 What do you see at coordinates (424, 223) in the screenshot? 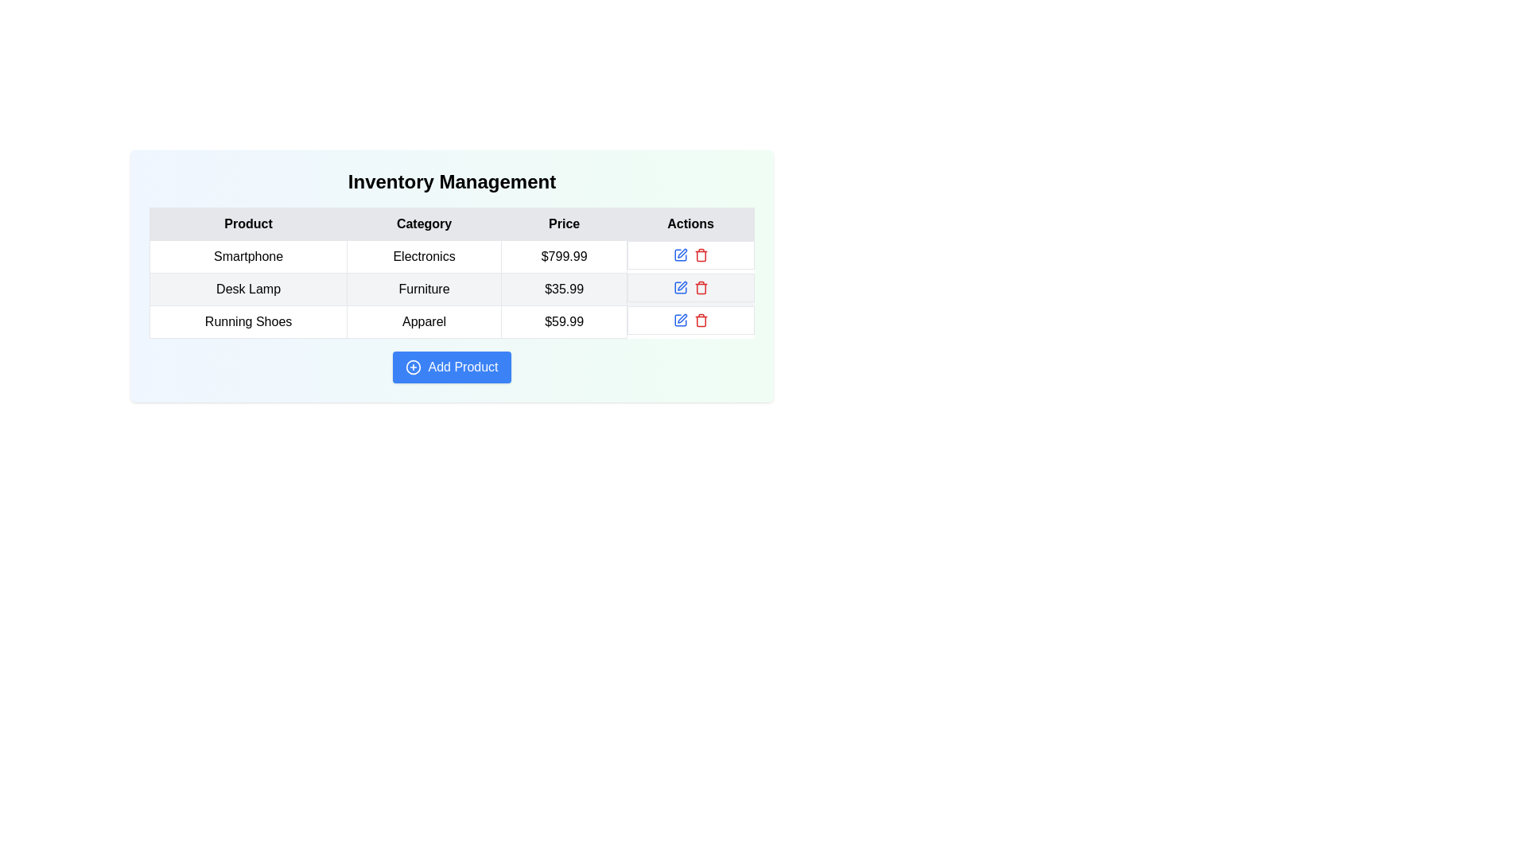
I see `header label for the 'Category' column in the table, which is the second item in the header row, positioned between the 'Product' and 'Price' headers` at bounding box center [424, 223].